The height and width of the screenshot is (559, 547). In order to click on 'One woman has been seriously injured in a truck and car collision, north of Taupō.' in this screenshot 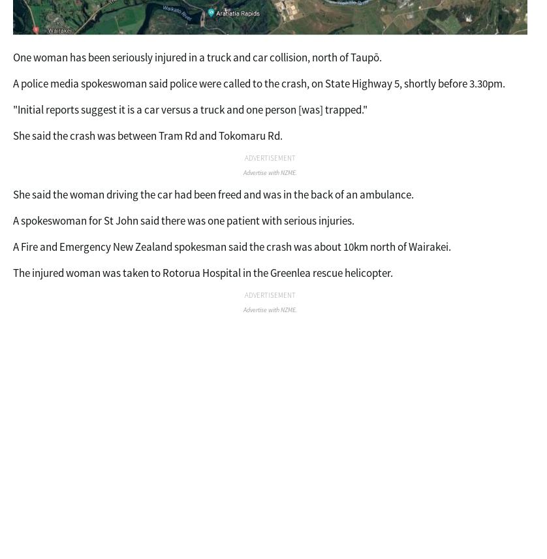, I will do `click(13, 57)`.